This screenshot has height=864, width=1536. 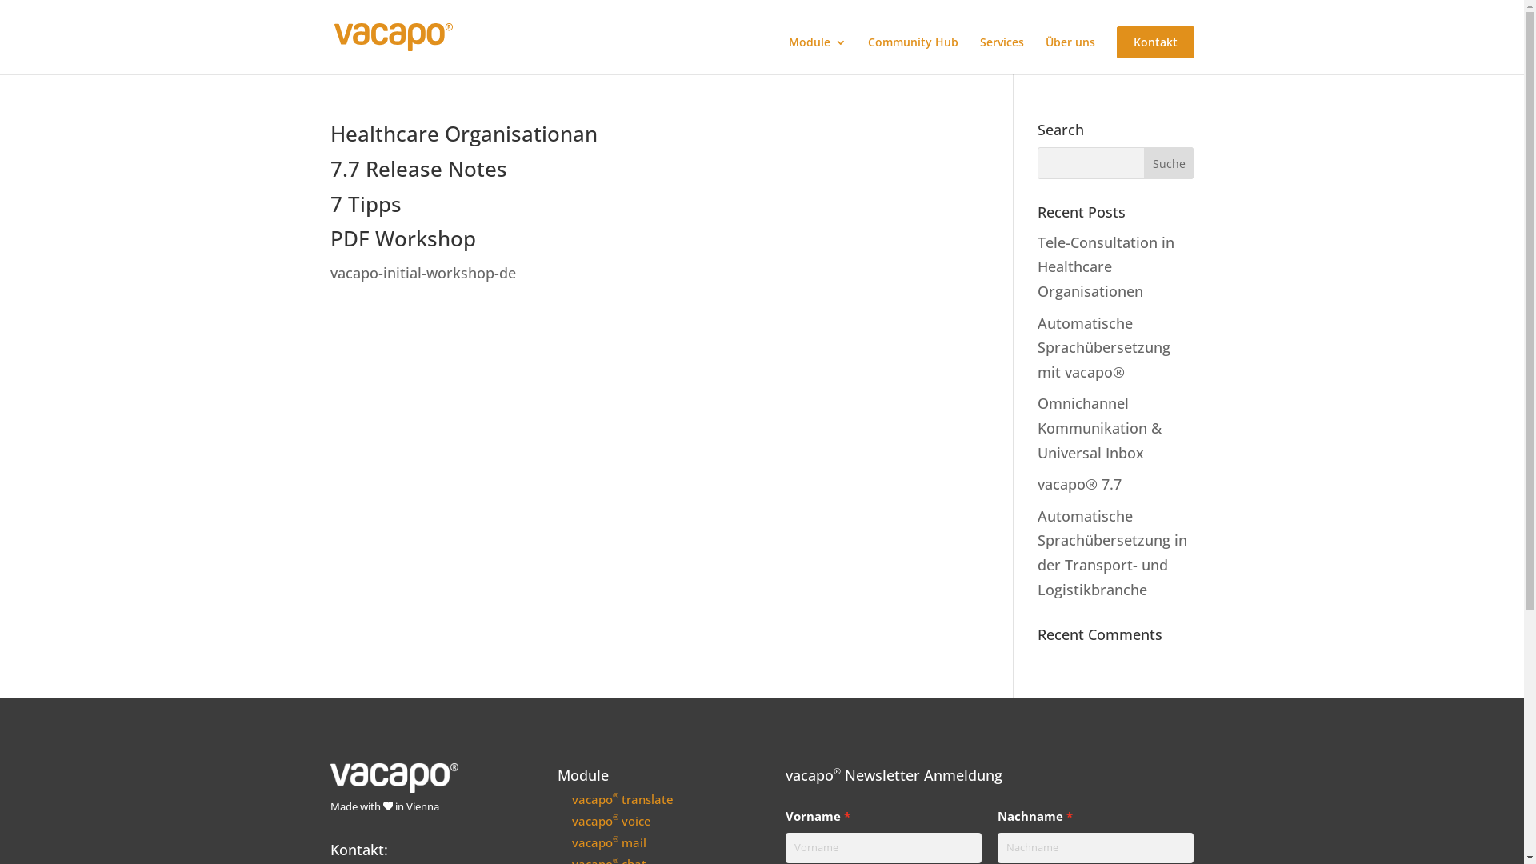 I want to click on 'Healthcare Organisationan', so click(x=462, y=132).